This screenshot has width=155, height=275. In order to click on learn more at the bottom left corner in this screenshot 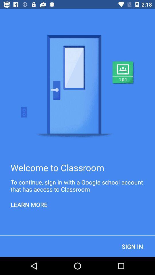, I will do `click(29, 205)`.